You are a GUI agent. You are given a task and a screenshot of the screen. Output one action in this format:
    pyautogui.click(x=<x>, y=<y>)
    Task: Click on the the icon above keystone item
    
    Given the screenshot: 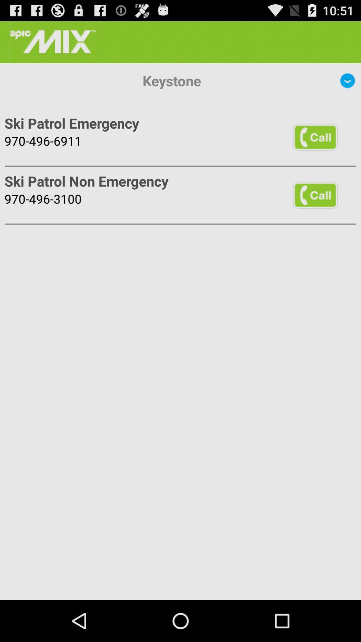 What is the action you would take?
    pyautogui.click(x=52, y=41)
    